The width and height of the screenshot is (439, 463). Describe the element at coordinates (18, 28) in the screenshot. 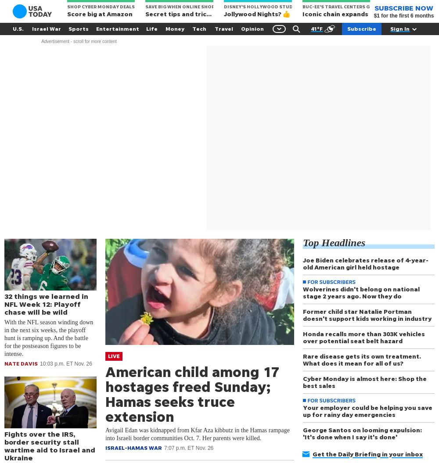

I see `'U.S.'` at that location.